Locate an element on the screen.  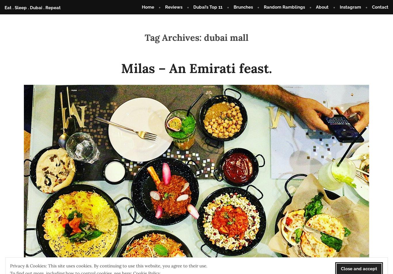
'Milas – An Emirati feast.' is located at coordinates (197, 68).